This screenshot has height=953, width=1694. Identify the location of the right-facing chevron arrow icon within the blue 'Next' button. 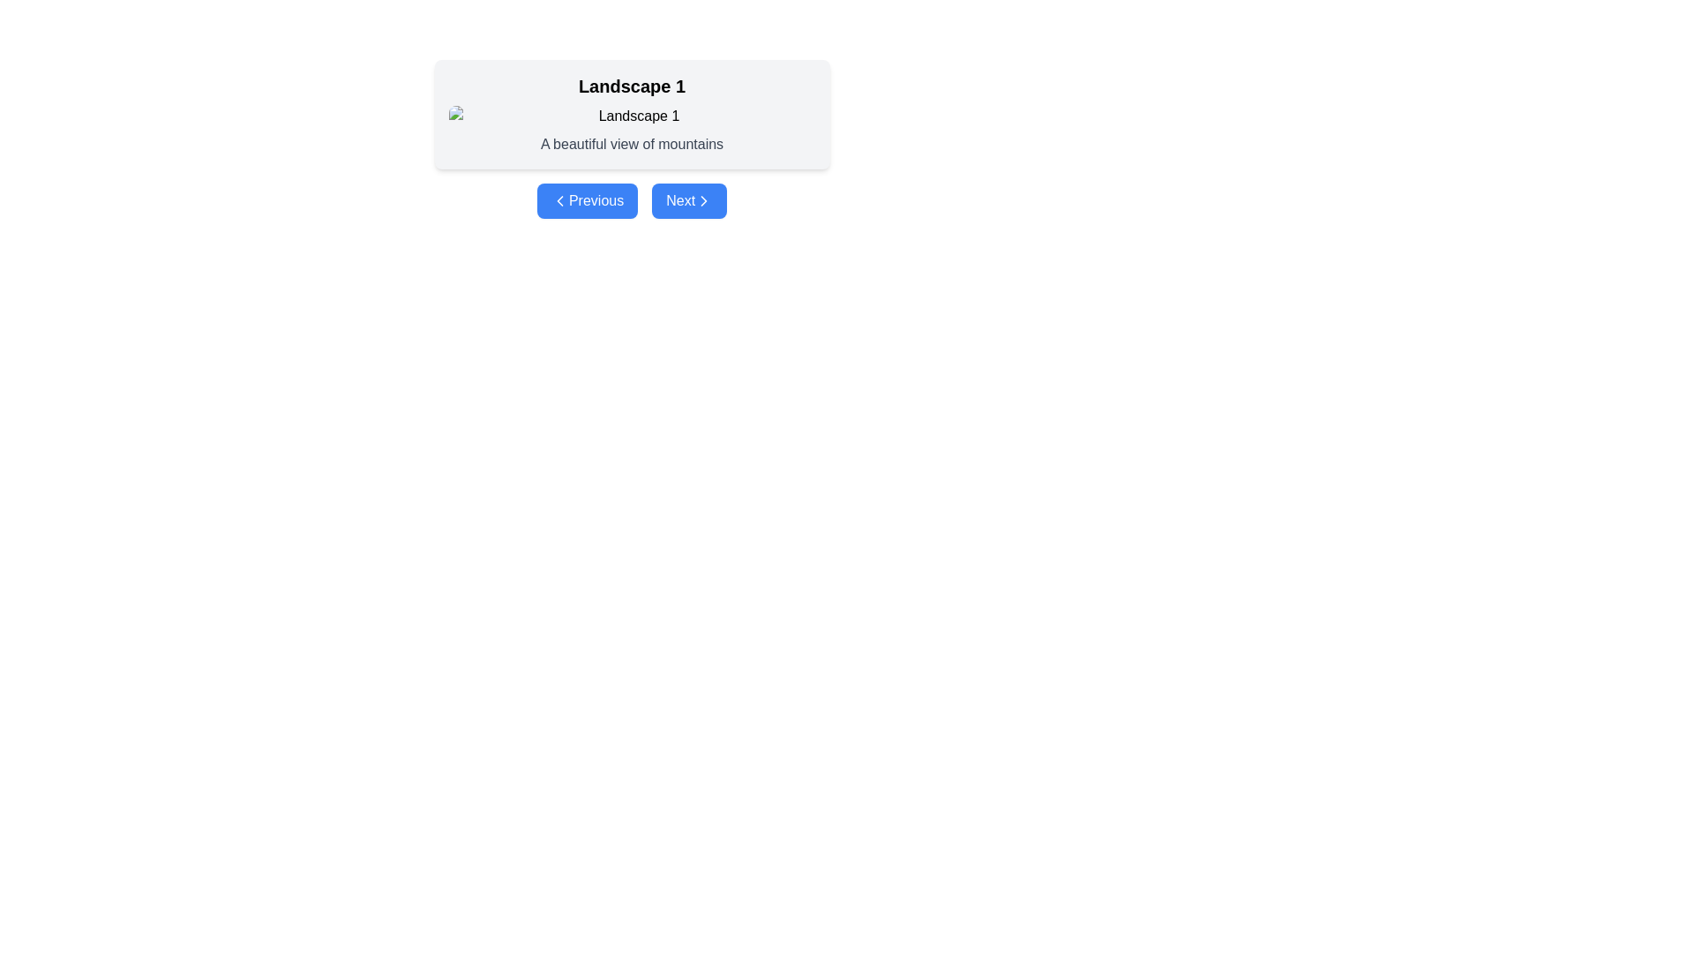
(703, 199).